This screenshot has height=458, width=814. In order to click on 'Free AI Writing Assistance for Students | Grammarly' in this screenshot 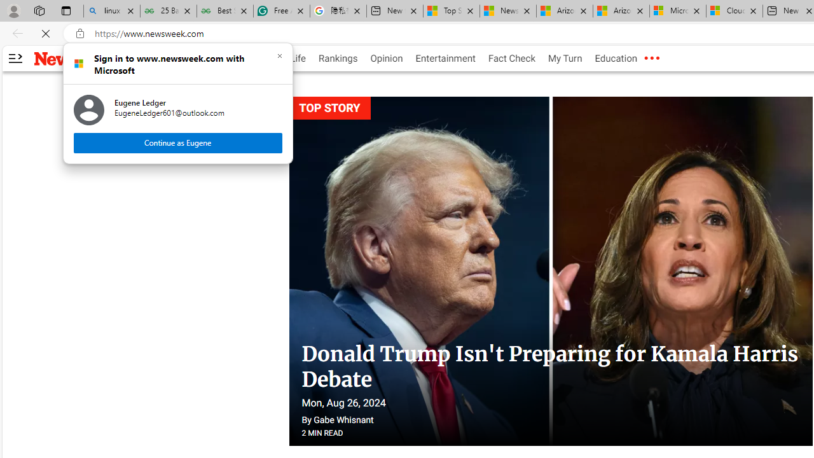, I will do `click(281, 11)`.